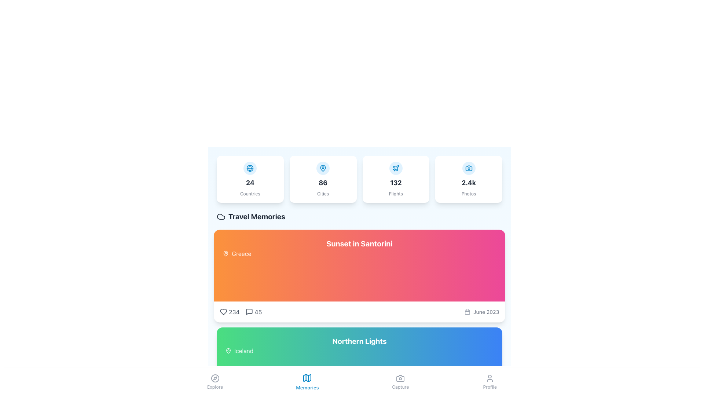  I want to click on the like button located below the 'Sunset in Santorini' card to indicate approval for the content, so click(229, 311).